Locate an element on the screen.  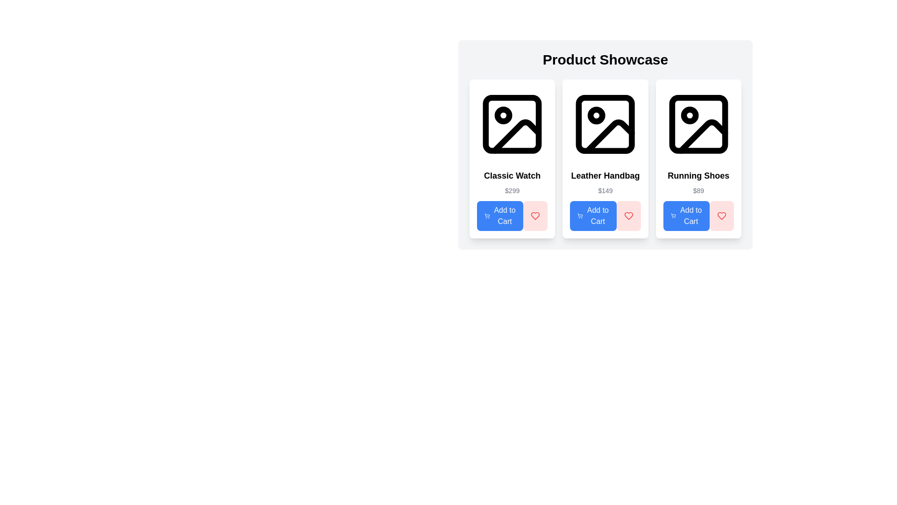
the SVG placeholder image representing the 'Leather Handbag' product, which is centrally placed above the text description and 'Add to Cart' button in the second product card is located at coordinates (605, 124).